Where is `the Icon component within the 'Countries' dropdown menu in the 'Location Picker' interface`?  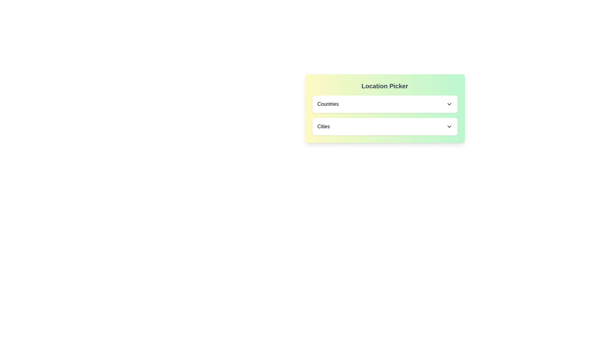
the Icon component within the 'Countries' dropdown menu in the 'Location Picker' interface is located at coordinates (449, 104).